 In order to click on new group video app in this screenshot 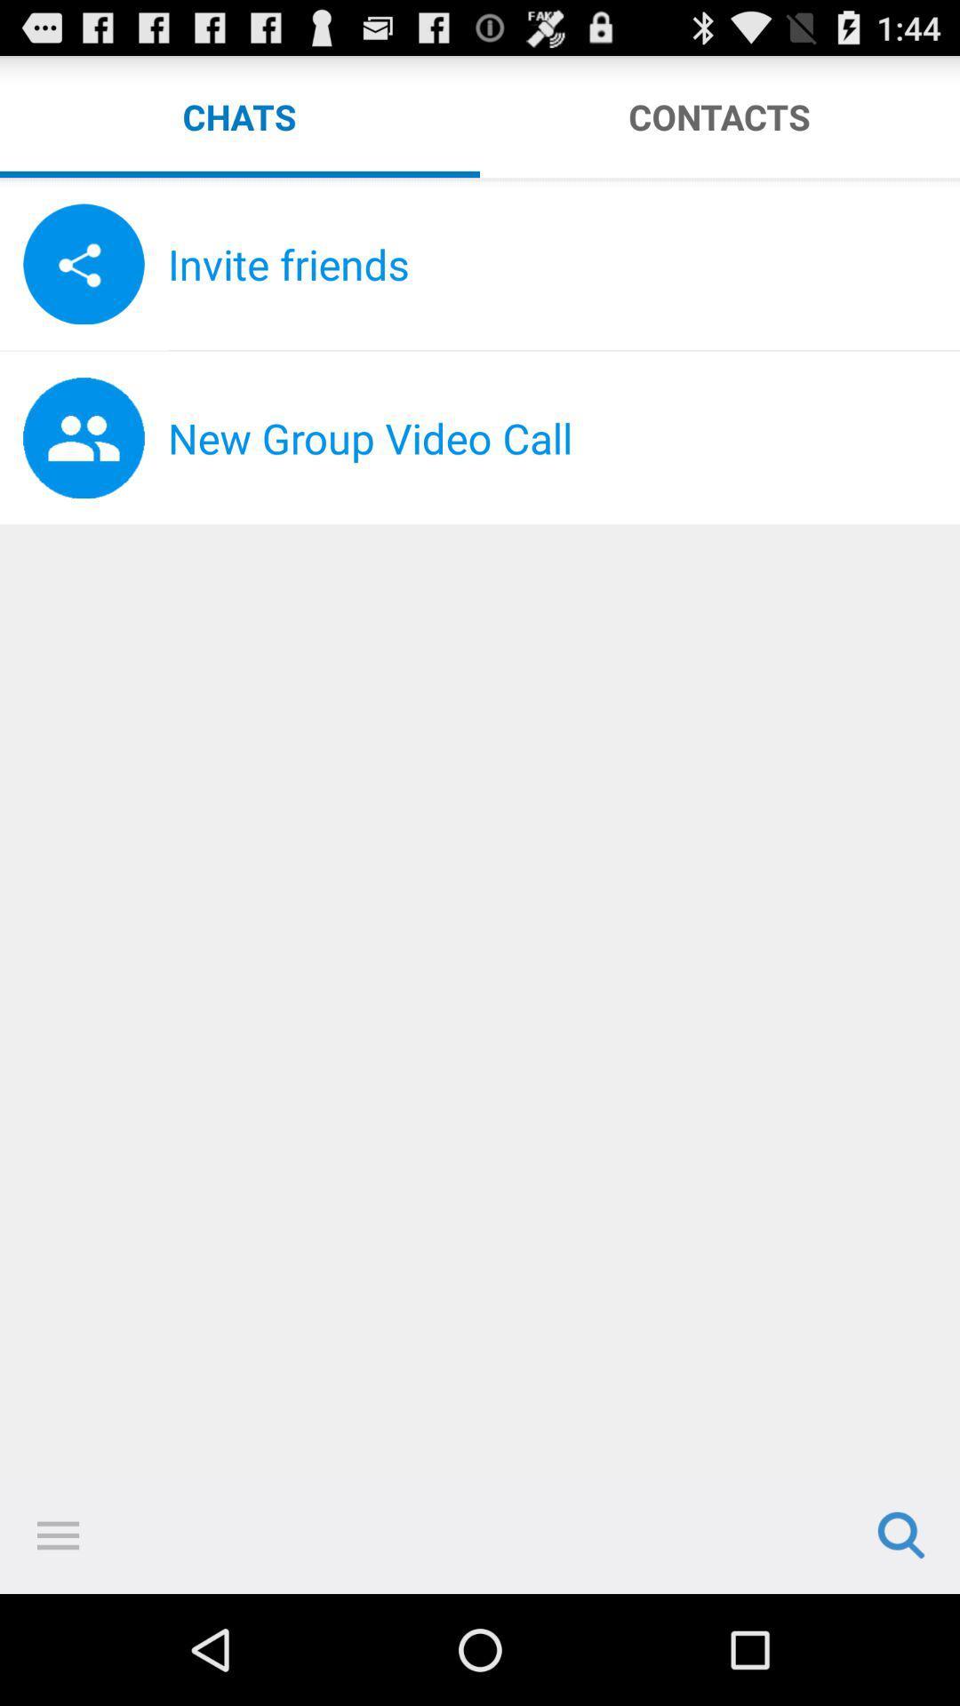, I will do `click(564, 438)`.